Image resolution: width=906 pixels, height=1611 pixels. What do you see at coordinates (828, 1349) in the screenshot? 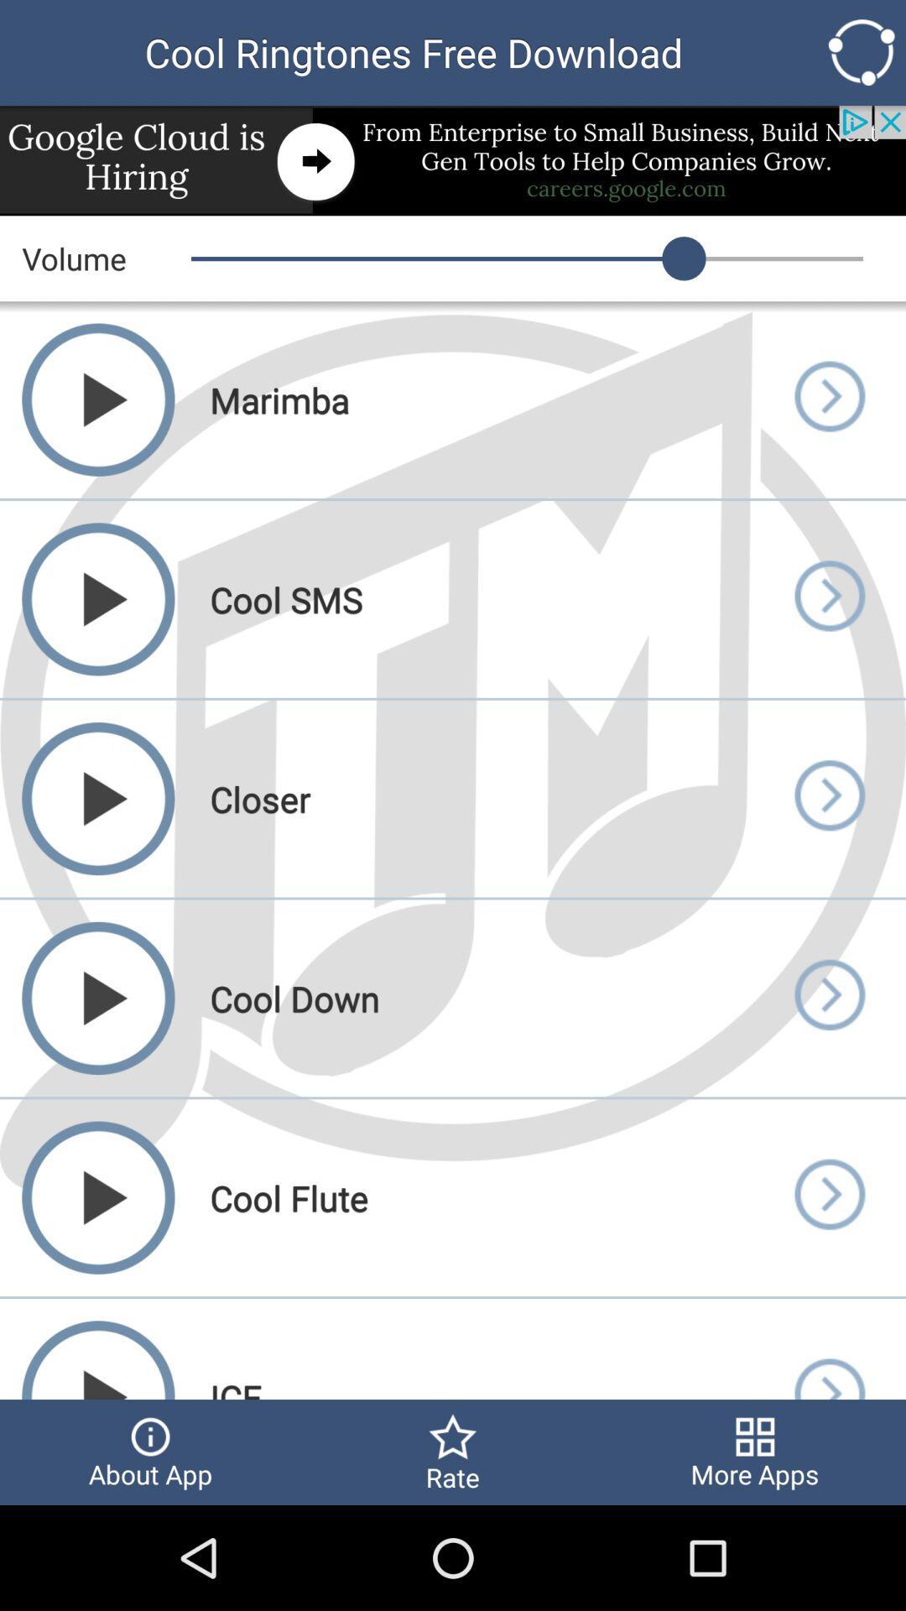
I see `sound button` at bounding box center [828, 1349].